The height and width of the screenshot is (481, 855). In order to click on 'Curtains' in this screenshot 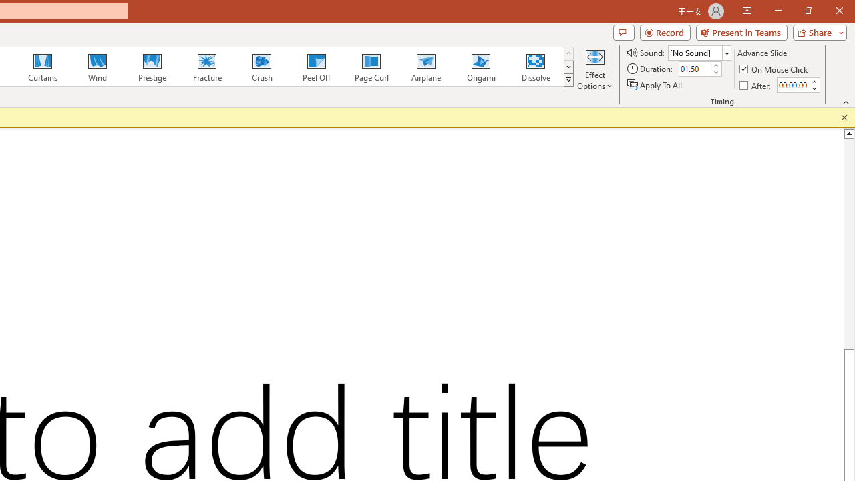, I will do `click(43, 67)`.